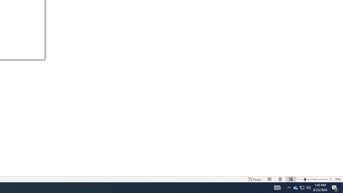  I want to click on 'Action Center, 2 new notifications', so click(335, 187).